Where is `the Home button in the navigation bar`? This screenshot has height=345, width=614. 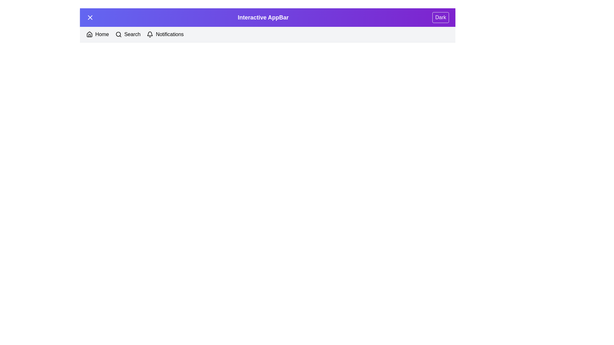 the Home button in the navigation bar is located at coordinates (97, 34).